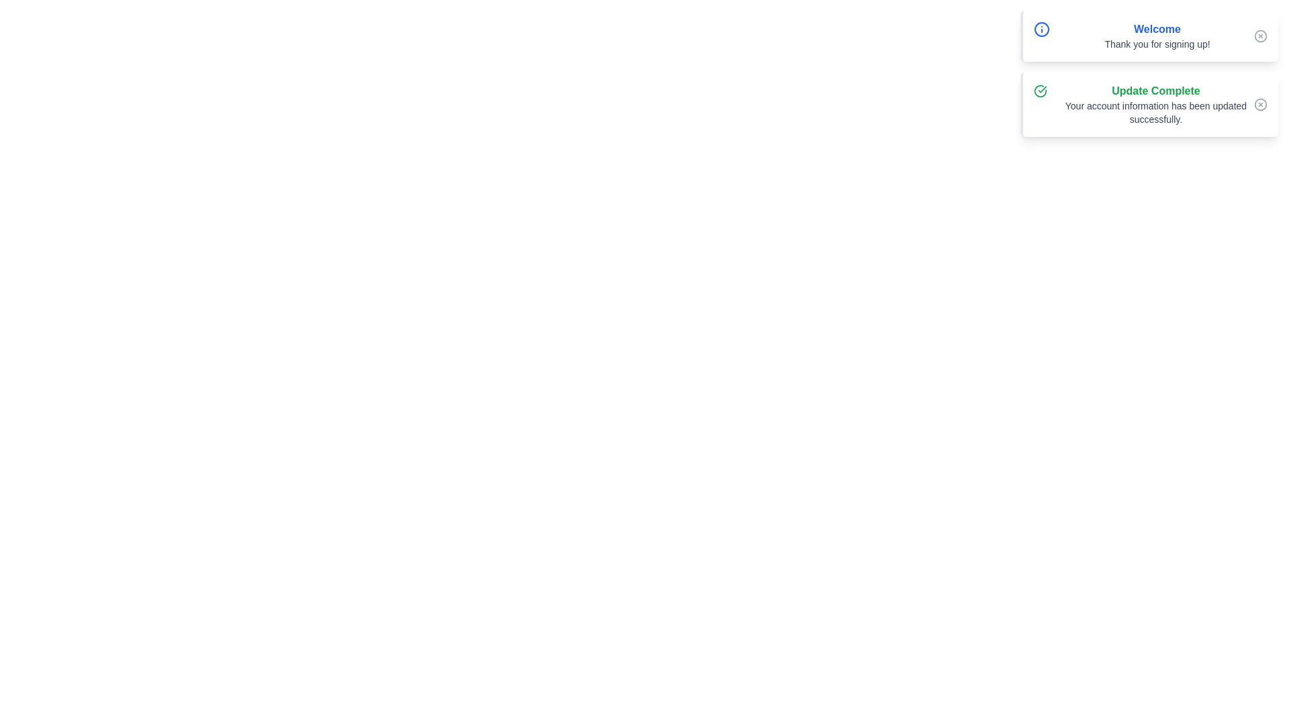 The image size is (1289, 725). Describe the element at coordinates (1259, 36) in the screenshot. I see `the close button in the top-right corner of the 'Welcome' notification box` at that location.